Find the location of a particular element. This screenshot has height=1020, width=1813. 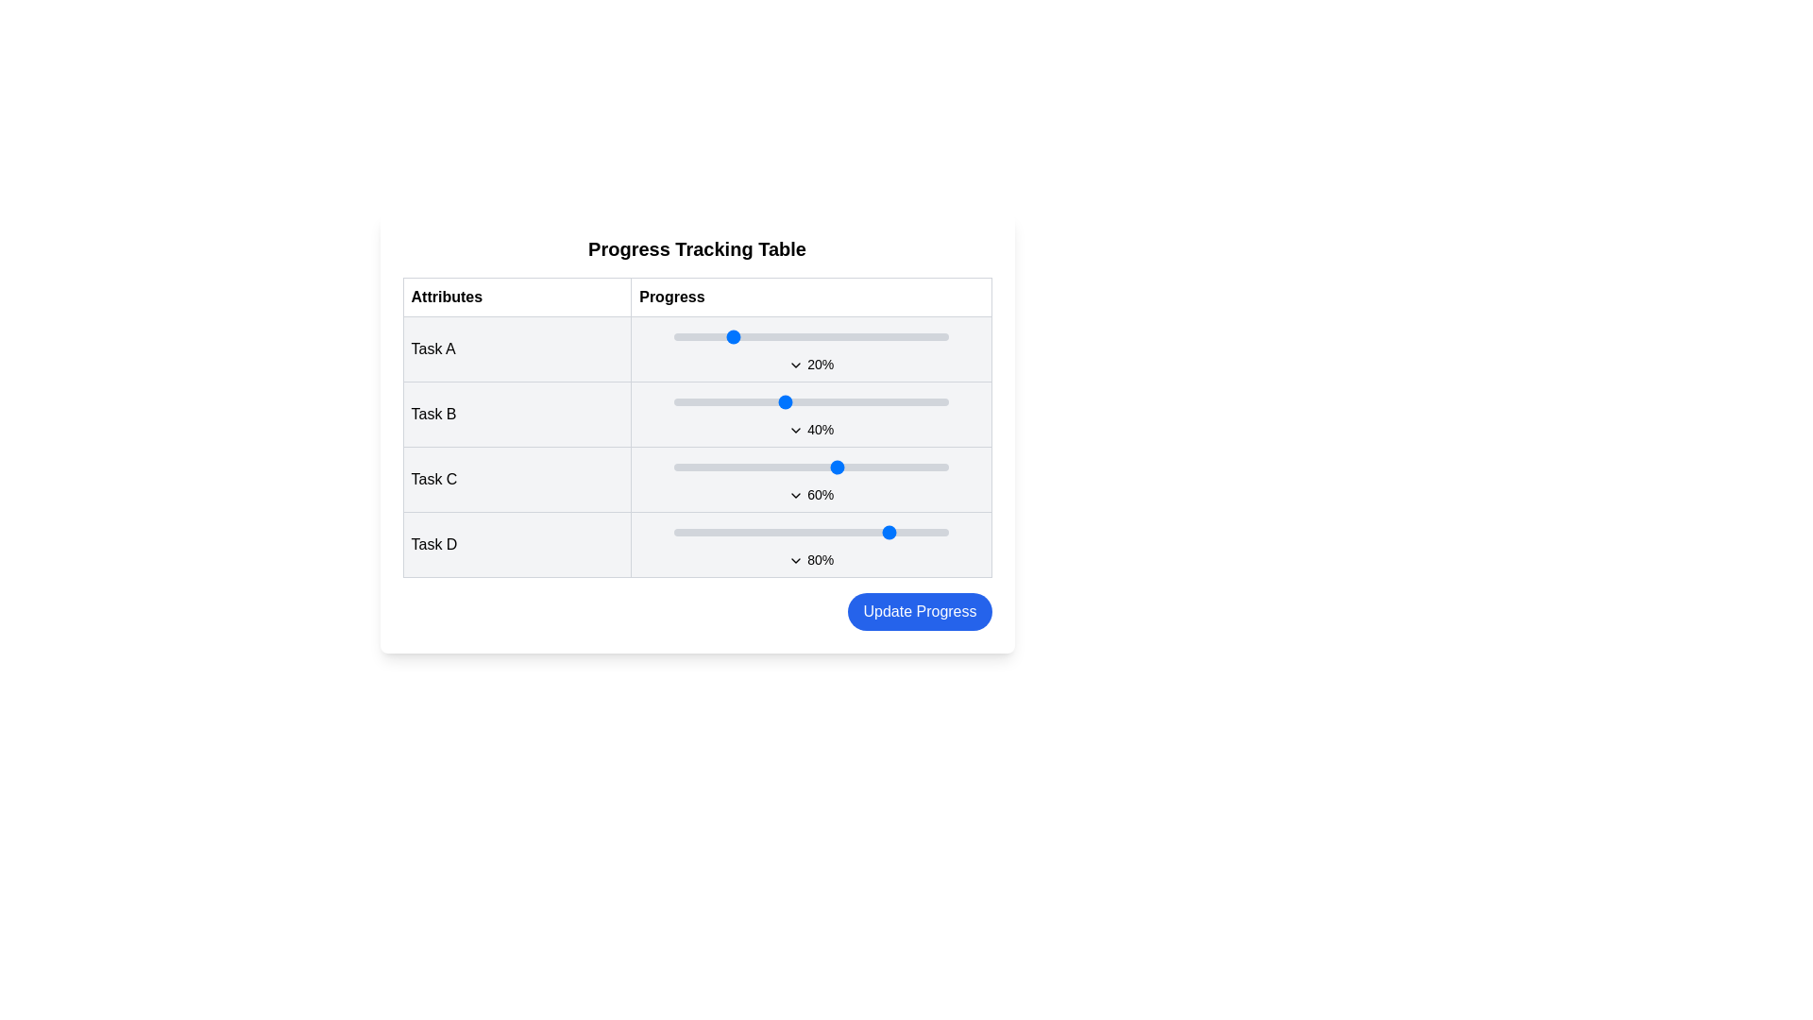

the downward-pointing arrow icon next to the '80%' text in the progress bar component is located at coordinates (811, 545).